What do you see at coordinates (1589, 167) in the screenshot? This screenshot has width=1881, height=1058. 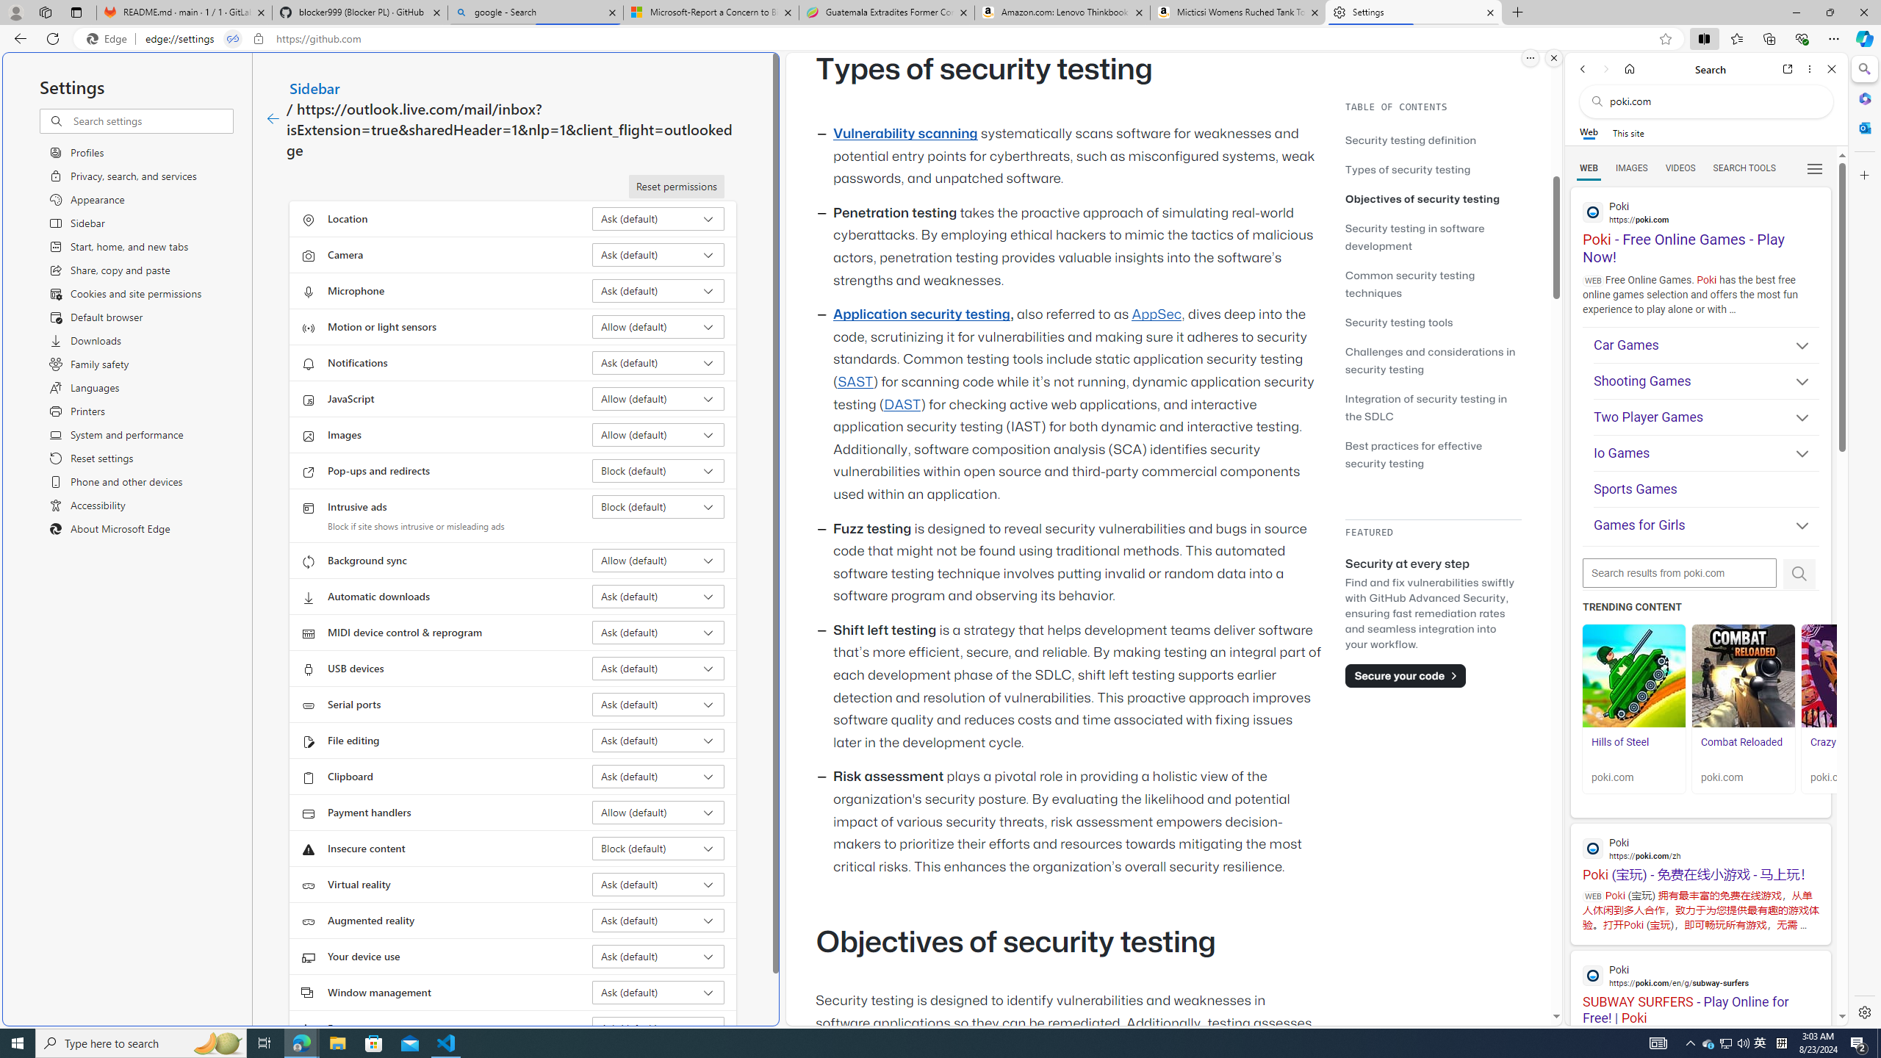 I see `'Search Filter, WEB'` at bounding box center [1589, 167].